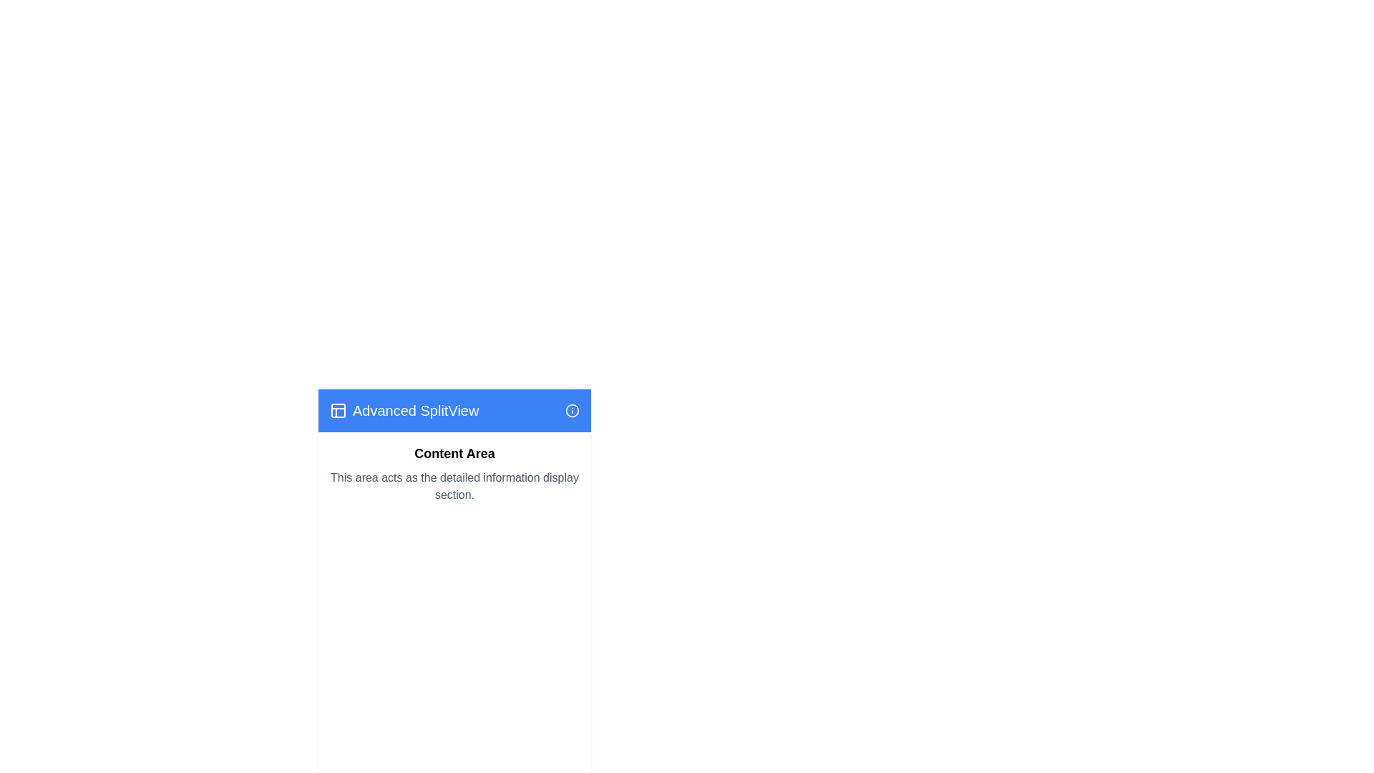 Image resolution: width=1374 pixels, height=773 pixels. What do you see at coordinates (338, 411) in the screenshot?
I see `the decorative graphic component located on the top-left side of an icon` at bounding box center [338, 411].